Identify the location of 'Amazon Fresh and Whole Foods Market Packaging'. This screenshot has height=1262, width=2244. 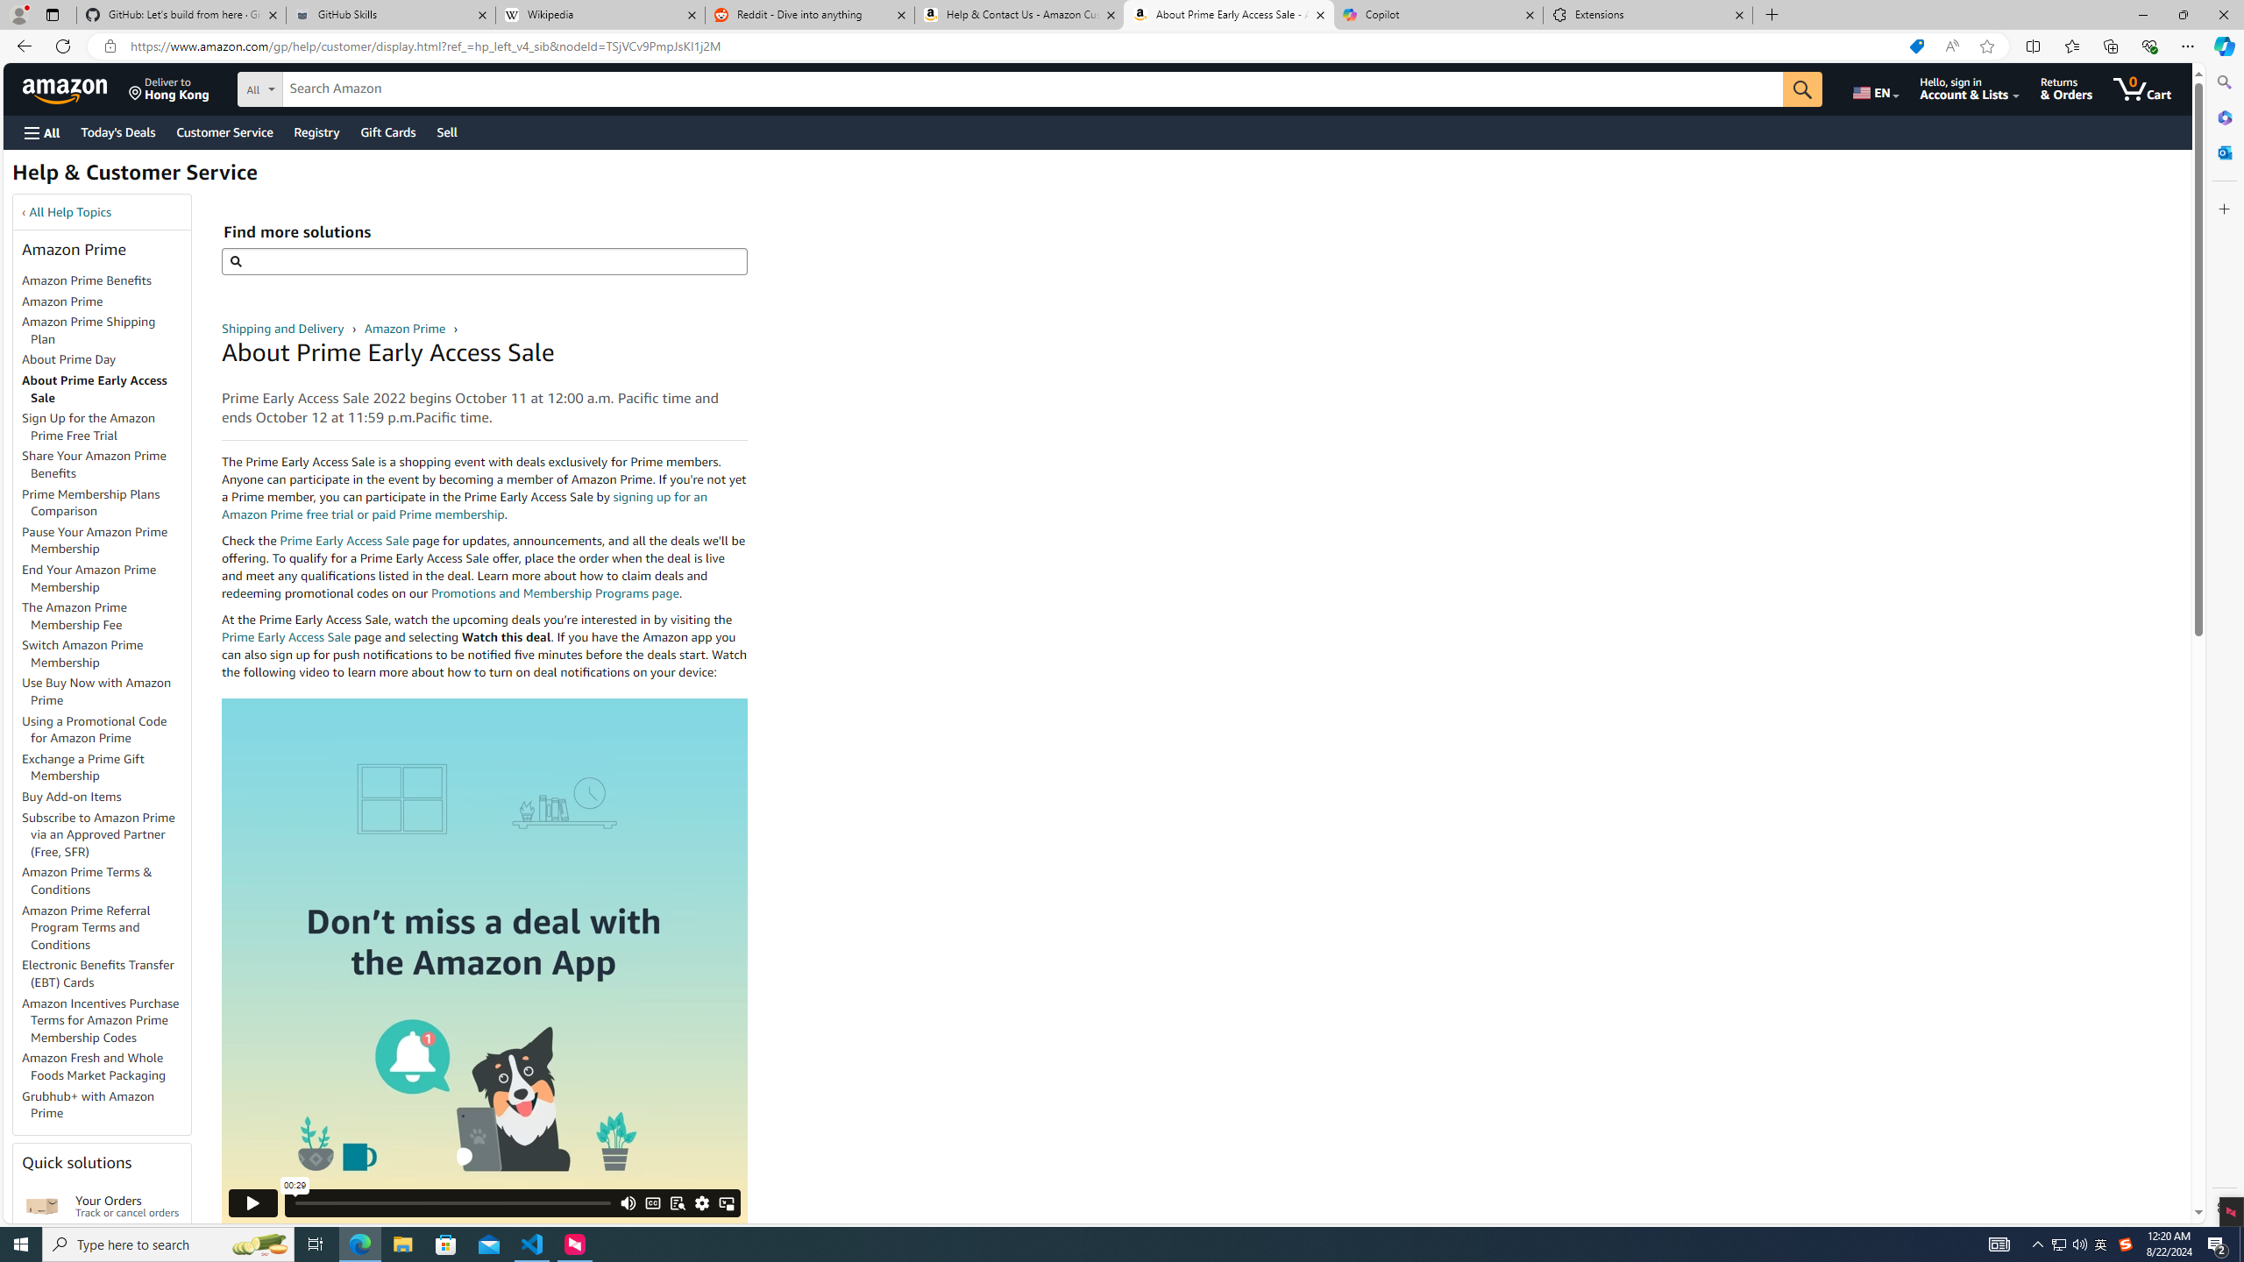
(106, 1067).